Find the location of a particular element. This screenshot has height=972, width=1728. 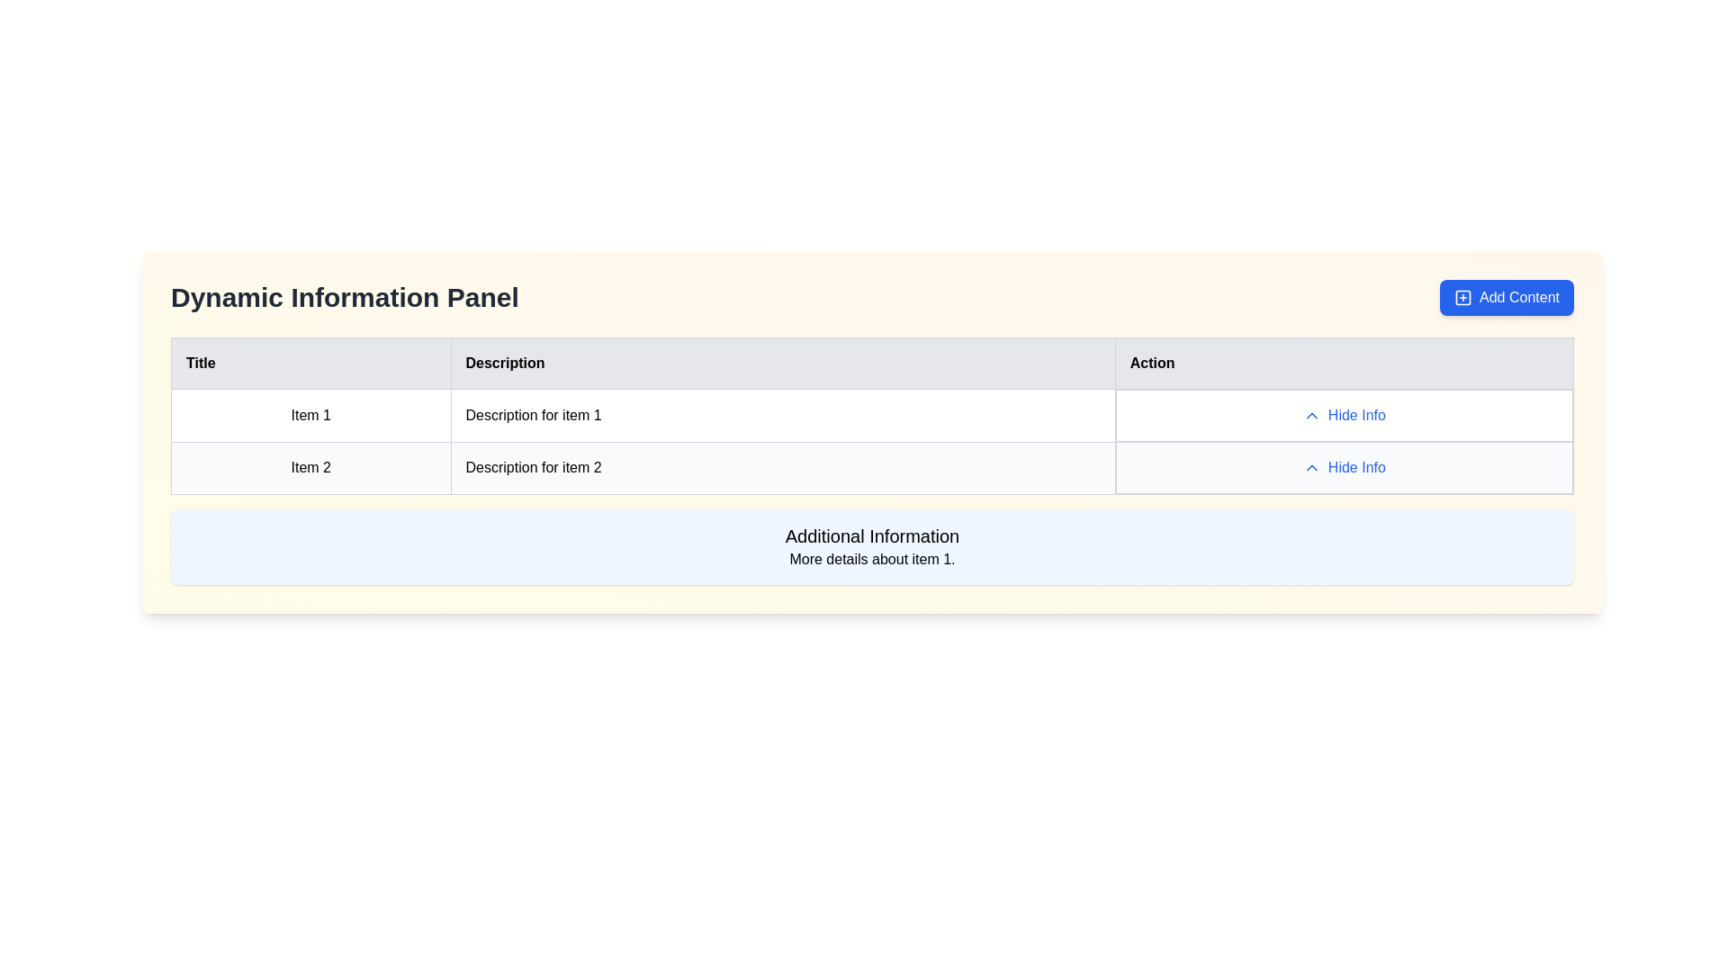

the 'Hide Info' button is located at coordinates (1344, 416).